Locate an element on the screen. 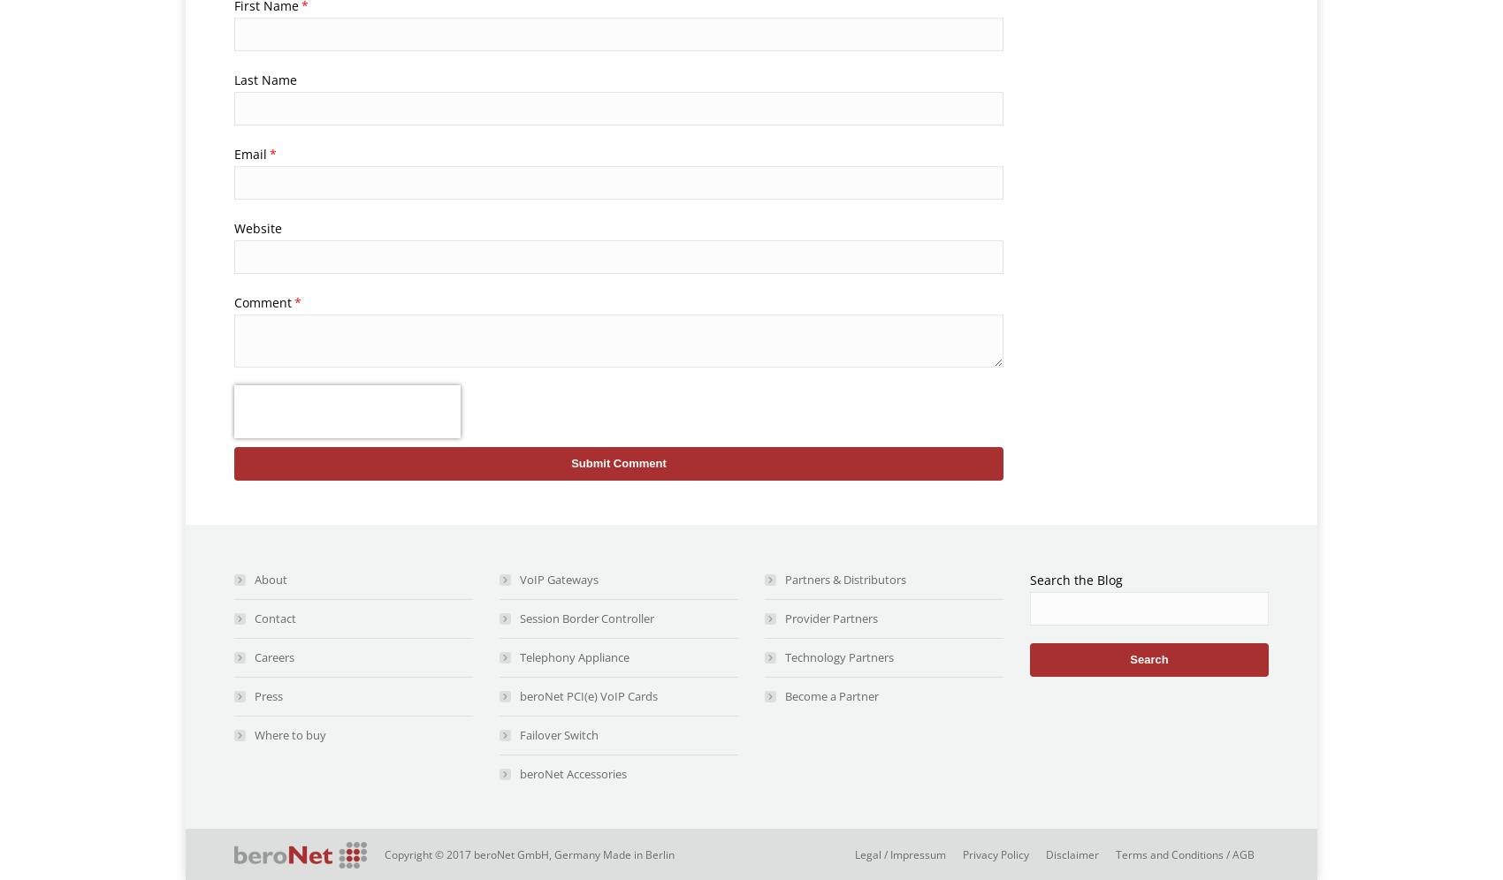 The height and width of the screenshot is (880, 1503). 'beroNet Accessories' is located at coordinates (573, 772).